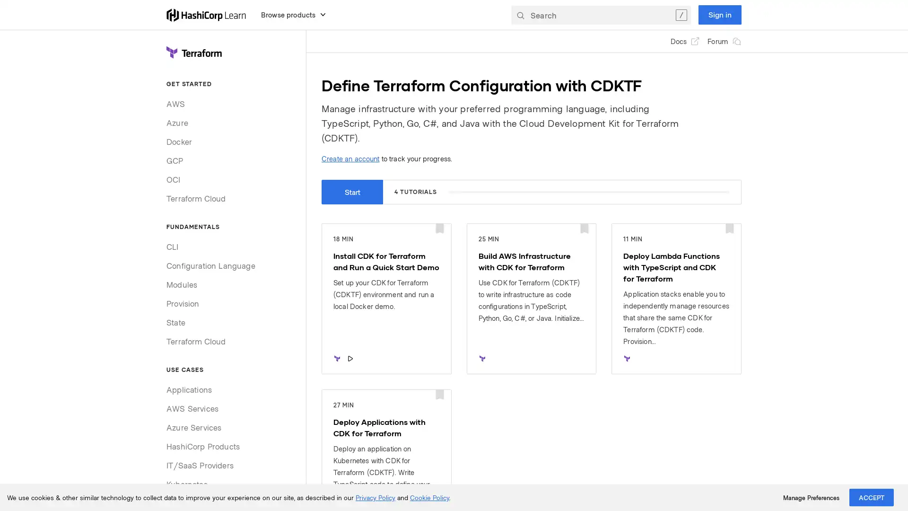 This screenshot has height=511, width=908. Describe the element at coordinates (439, 229) in the screenshot. I see `Add bookmark for: Install CDK for Terraform and Run a Quick Start Demo` at that location.